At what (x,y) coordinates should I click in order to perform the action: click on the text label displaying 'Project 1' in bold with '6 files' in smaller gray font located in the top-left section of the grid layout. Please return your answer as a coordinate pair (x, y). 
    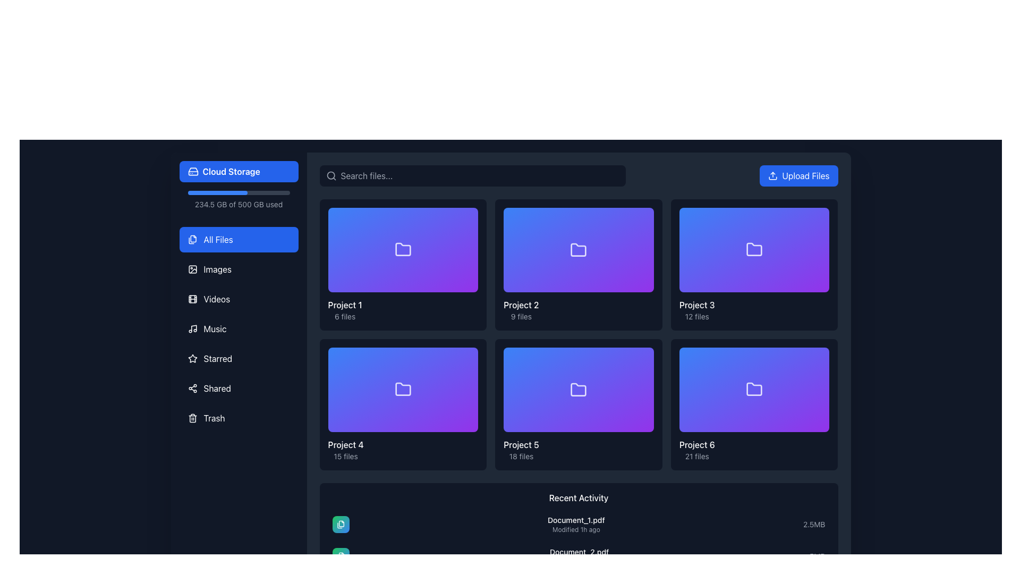
    Looking at the image, I should click on (345, 310).